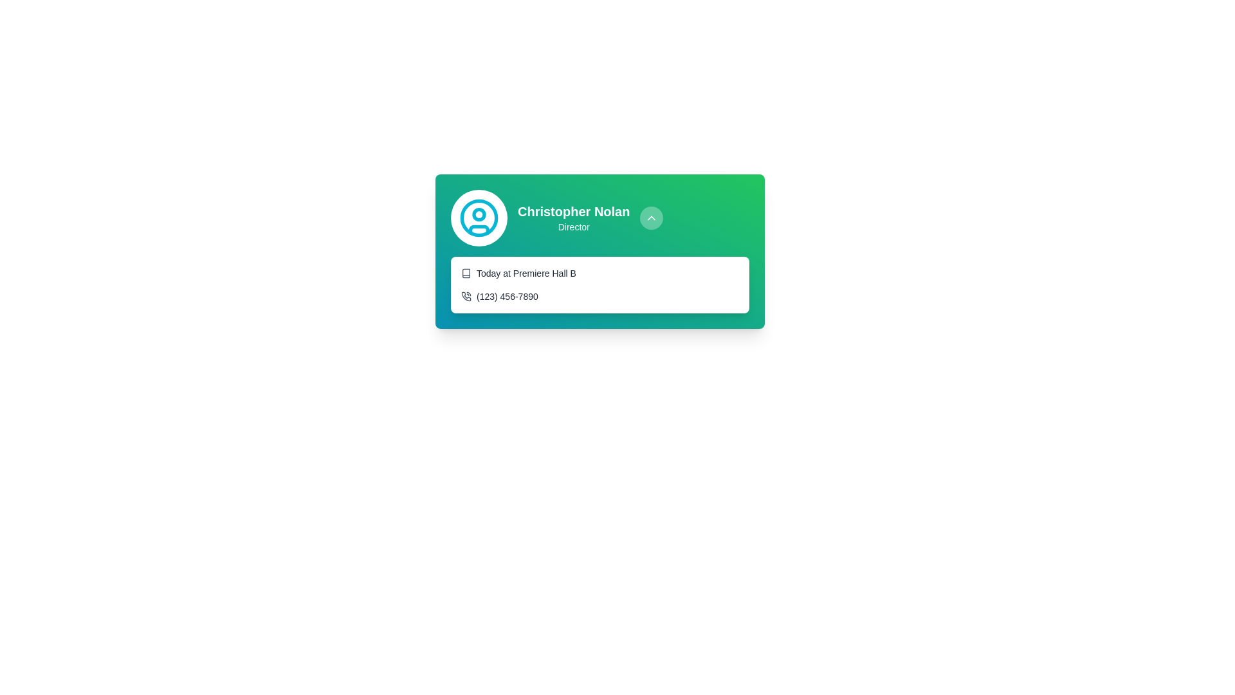  What do you see at coordinates (651, 218) in the screenshot?
I see `the upward-pointing chevron icon located in the top-right region of the user card containing the profile of Christopher Nolan` at bounding box center [651, 218].